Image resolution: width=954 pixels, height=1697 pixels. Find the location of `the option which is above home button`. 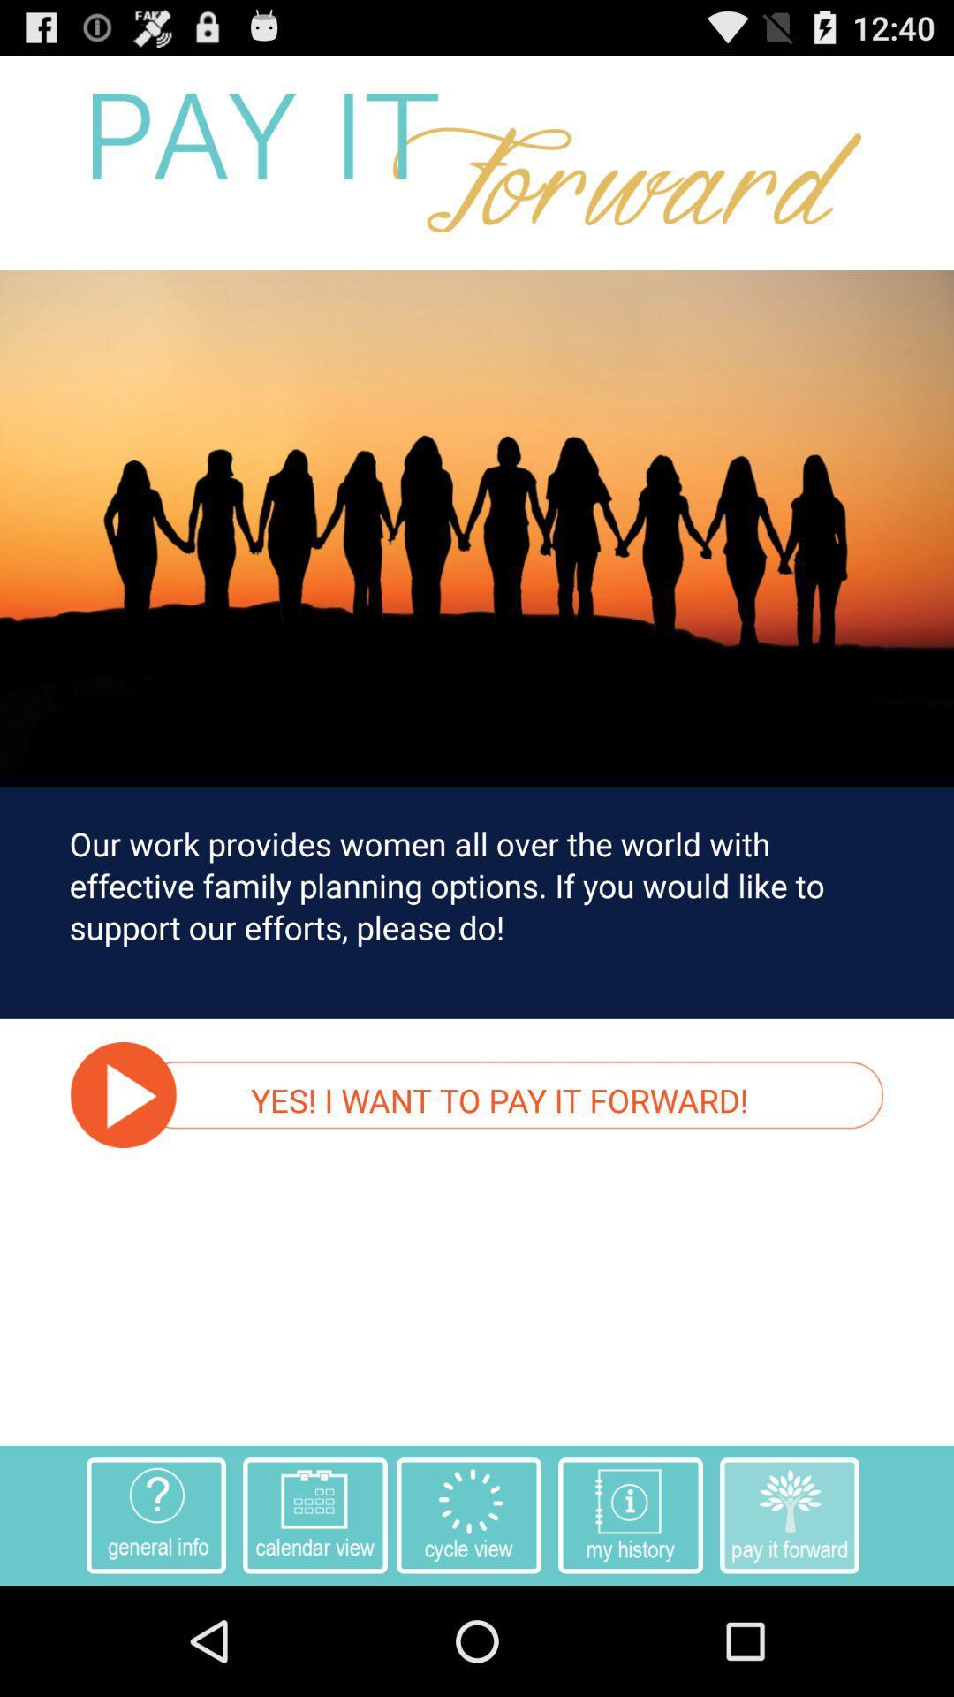

the option which is above home button is located at coordinates (468, 1514).